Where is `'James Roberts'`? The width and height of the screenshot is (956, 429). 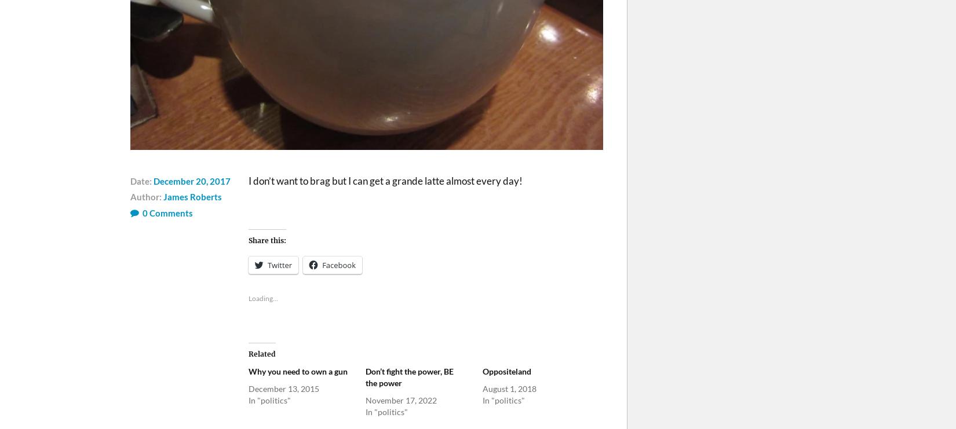
'James Roberts' is located at coordinates (163, 196).